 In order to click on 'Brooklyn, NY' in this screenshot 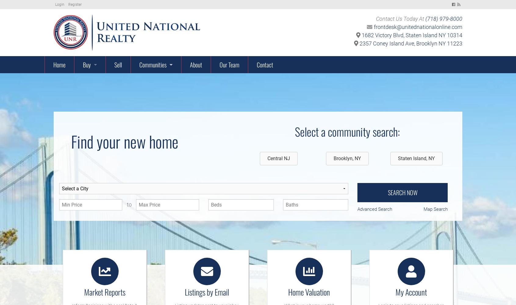, I will do `click(334, 158)`.